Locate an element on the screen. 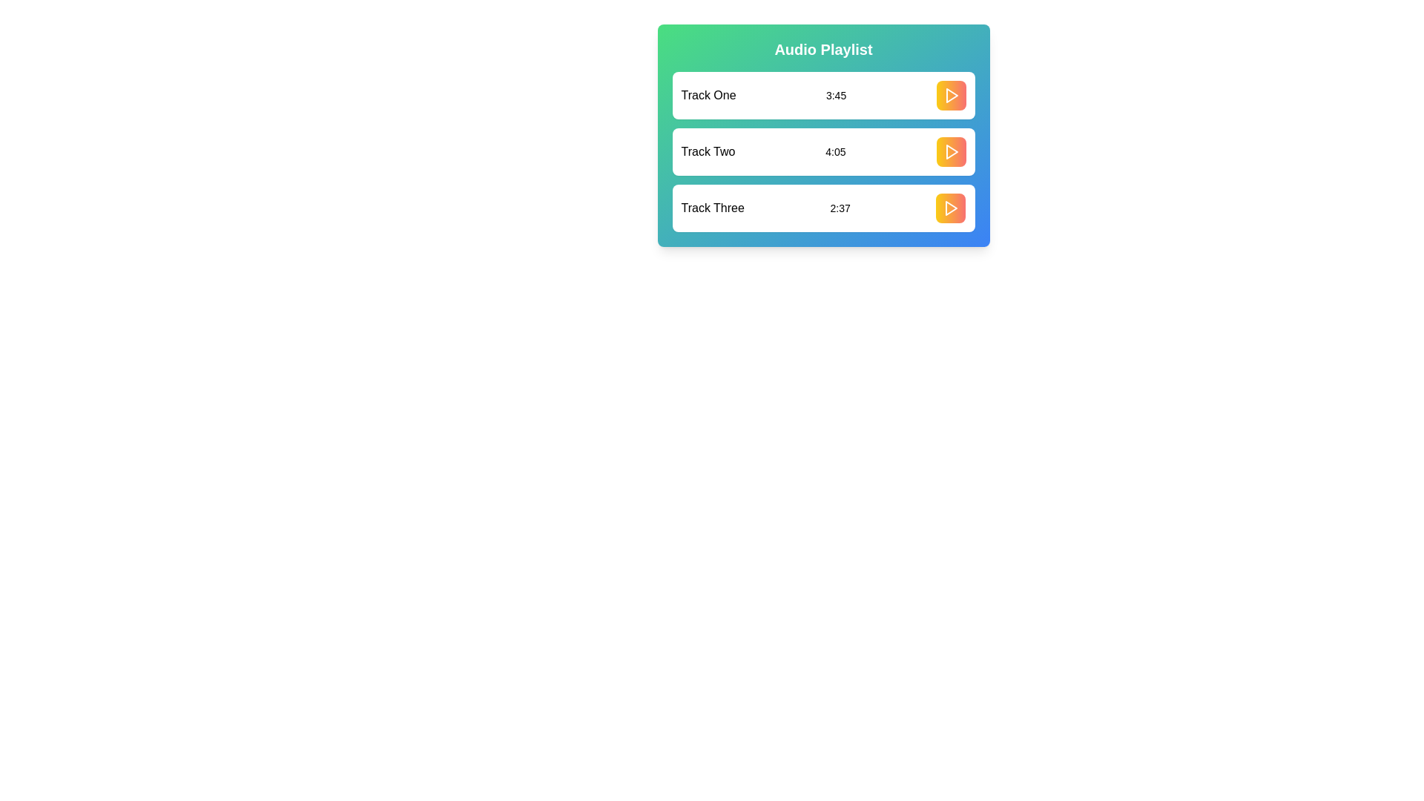  the triangular play button icon for 'Track Two' to initiate playback is located at coordinates (952, 151).